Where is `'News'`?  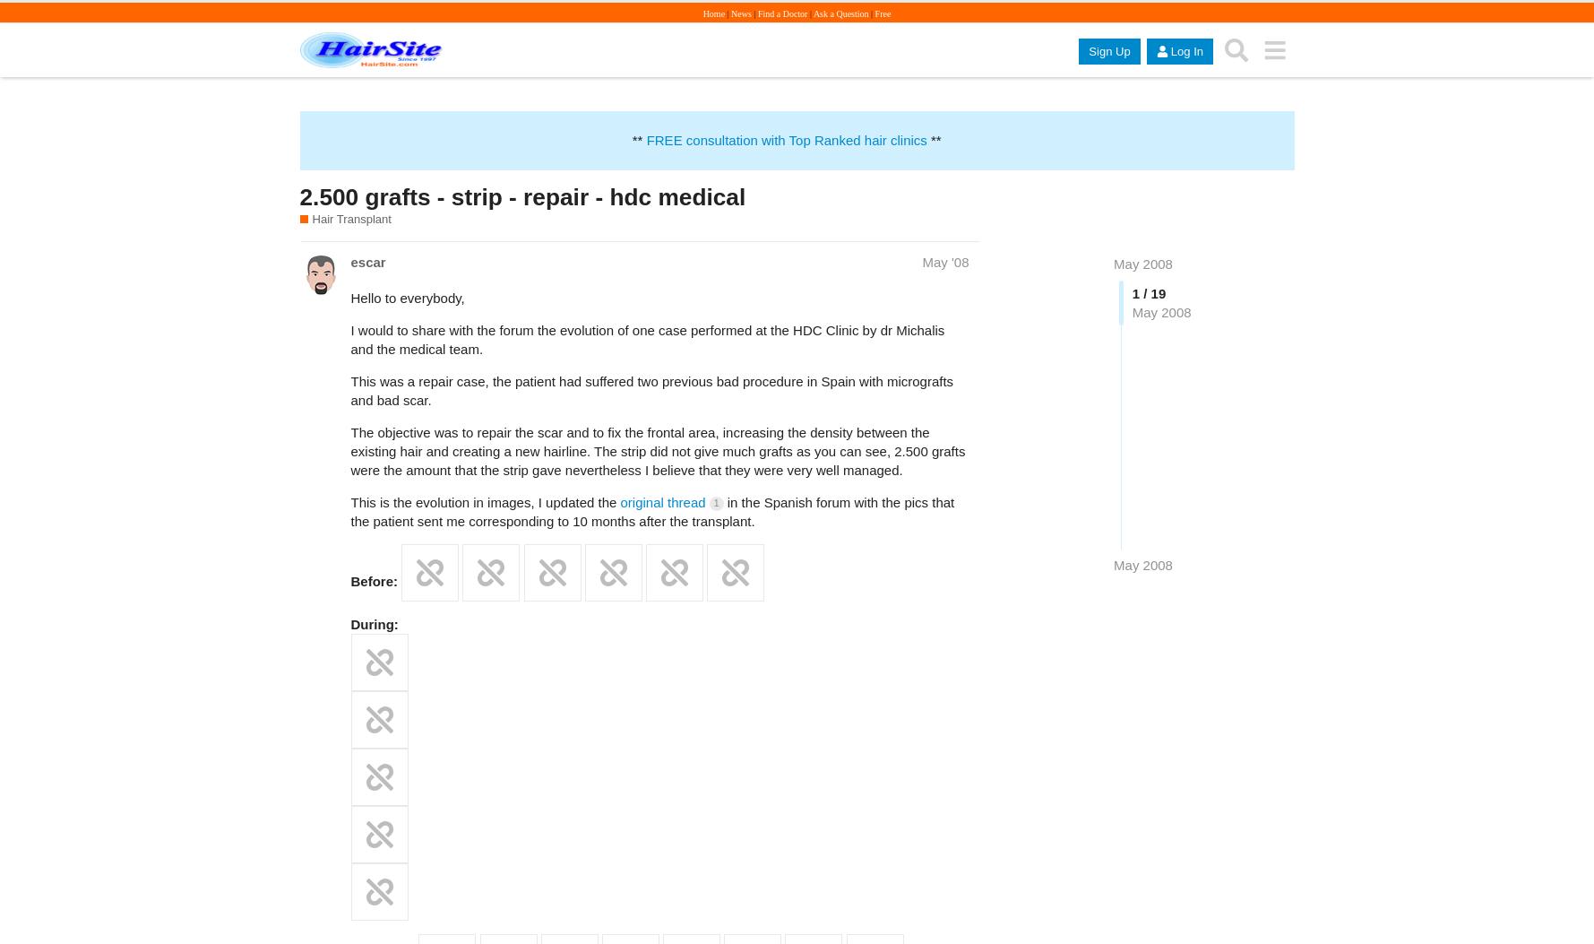 'News' is located at coordinates (741, 13).